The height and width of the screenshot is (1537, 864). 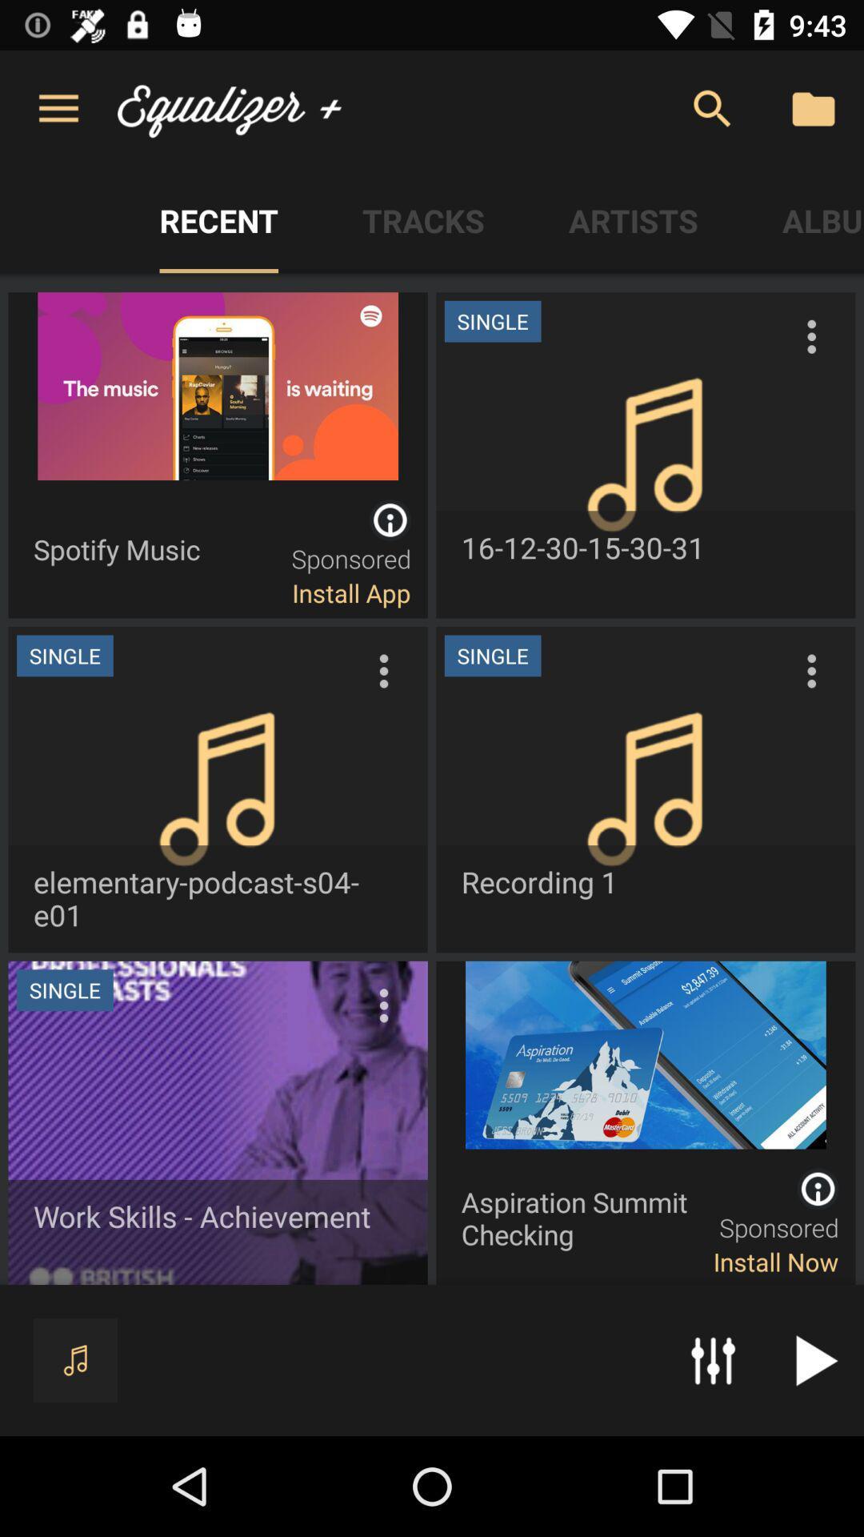 What do you see at coordinates (712, 1359) in the screenshot?
I see `the sliders icon` at bounding box center [712, 1359].